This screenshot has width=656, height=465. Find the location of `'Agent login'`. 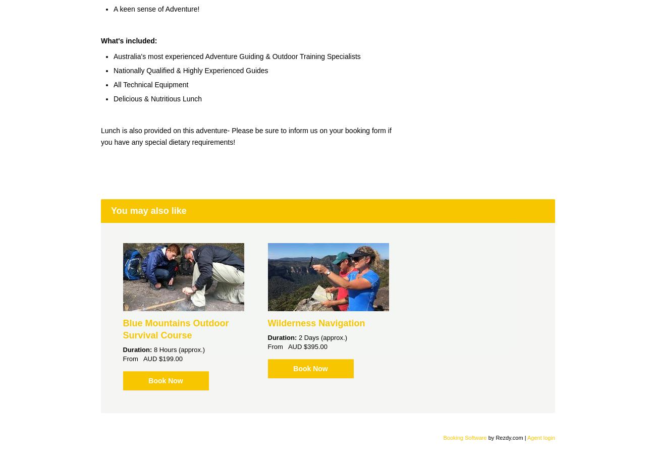

'Agent login' is located at coordinates (540, 436).